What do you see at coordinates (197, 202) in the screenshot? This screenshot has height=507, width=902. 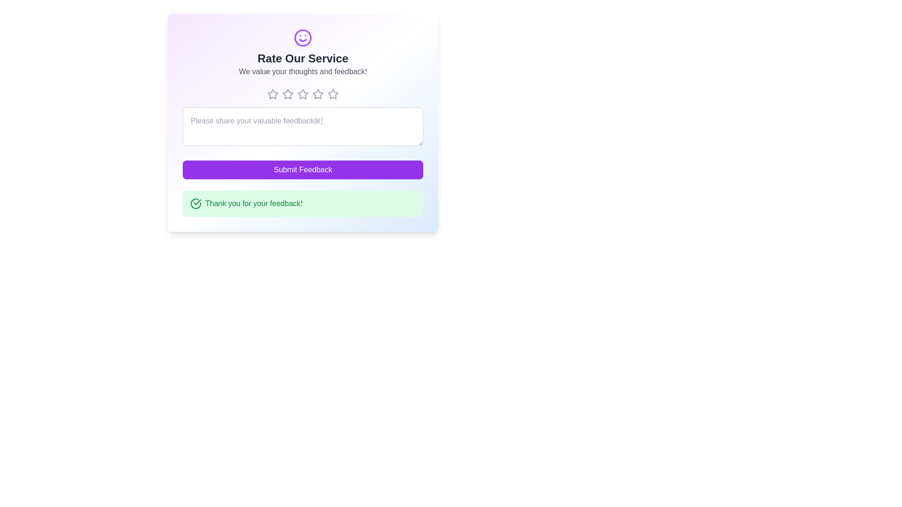 I see `the checkmark icon within the green notification box that indicates confirmation of feedback submission` at bounding box center [197, 202].